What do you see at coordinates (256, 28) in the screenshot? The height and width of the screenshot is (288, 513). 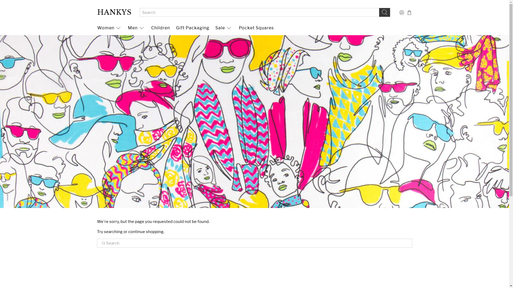 I see `'Pocket Squares'` at bounding box center [256, 28].